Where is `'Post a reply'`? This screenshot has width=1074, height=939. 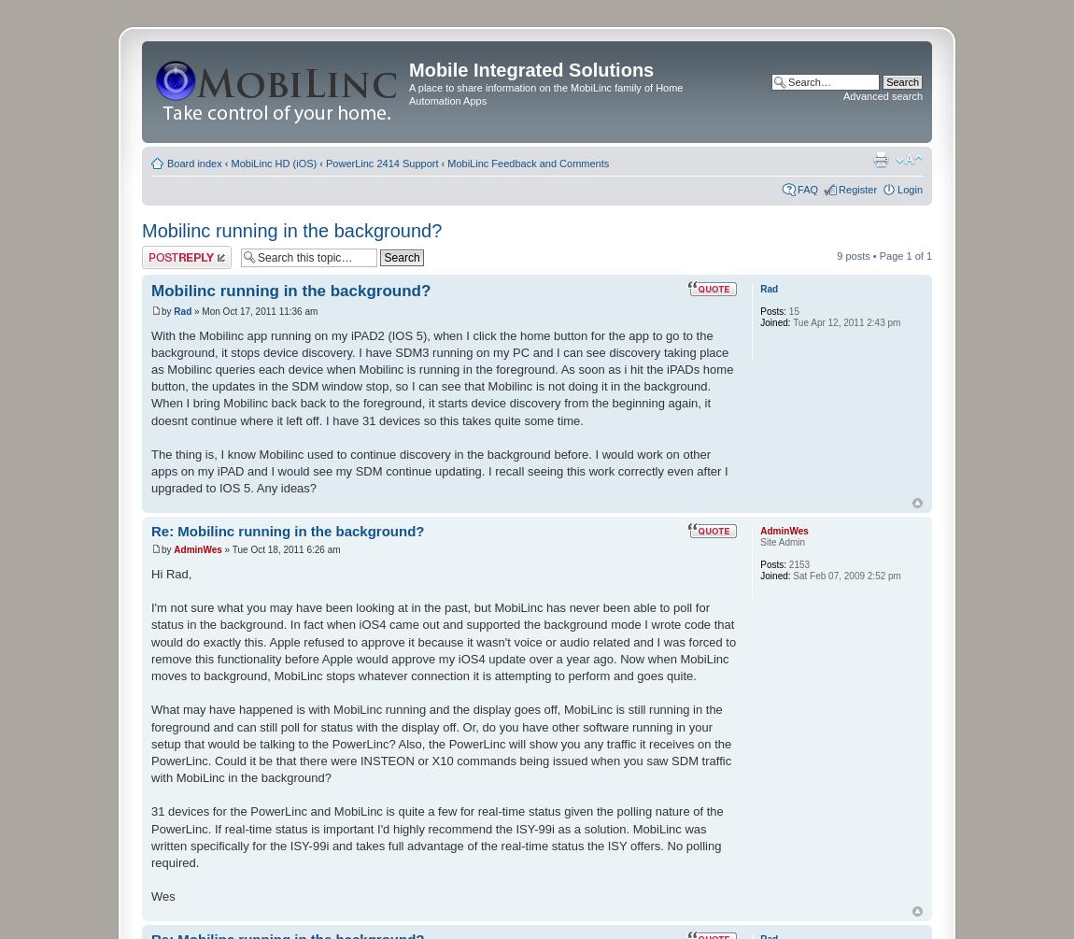 'Post a reply' is located at coordinates (168, 250).